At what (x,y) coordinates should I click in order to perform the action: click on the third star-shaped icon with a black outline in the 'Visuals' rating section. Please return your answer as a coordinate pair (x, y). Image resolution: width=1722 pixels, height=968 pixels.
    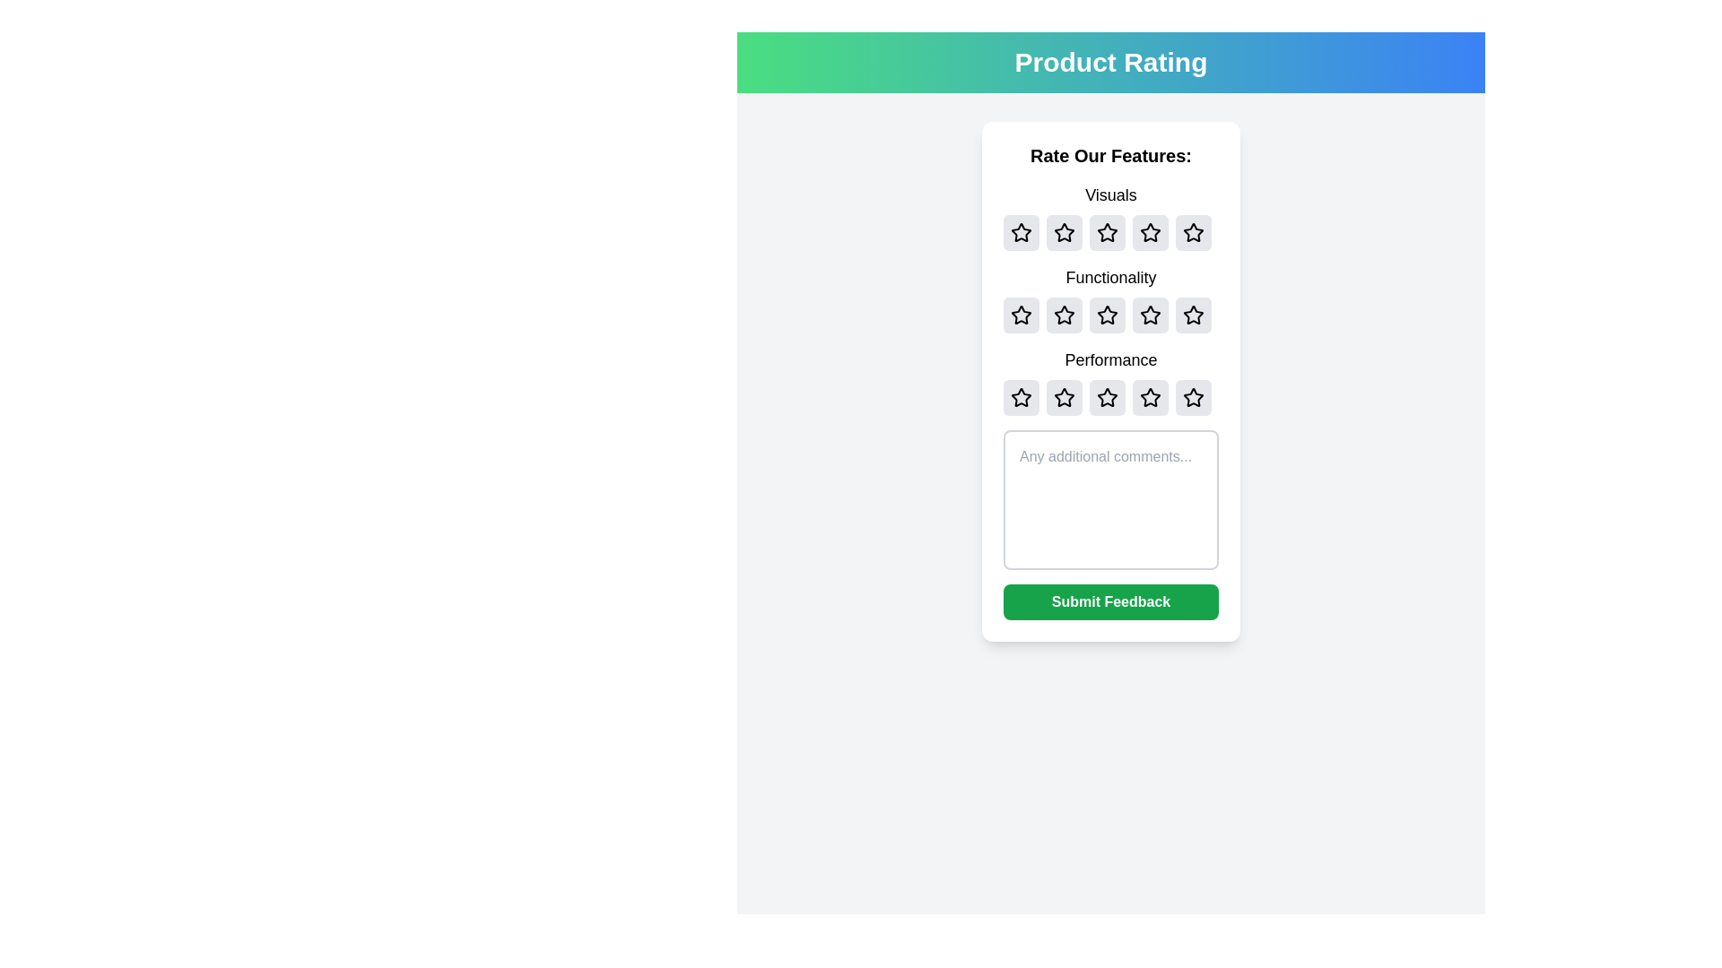
    Looking at the image, I should click on (1149, 230).